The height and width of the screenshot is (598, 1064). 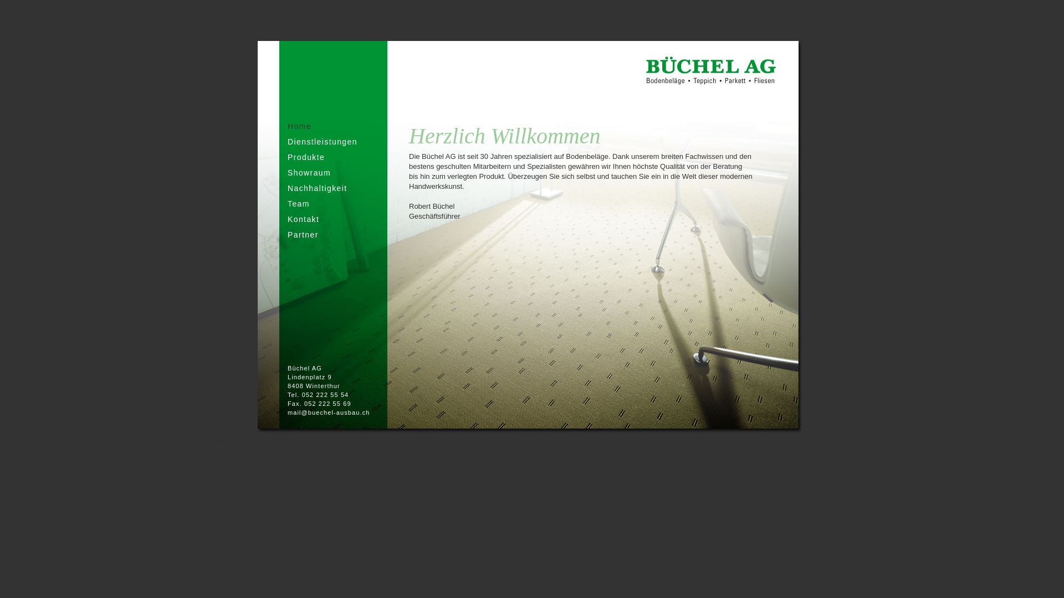 What do you see at coordinates (298, 203) in the screenshot?
I see `'Team'` at bounding box center [298, 203].